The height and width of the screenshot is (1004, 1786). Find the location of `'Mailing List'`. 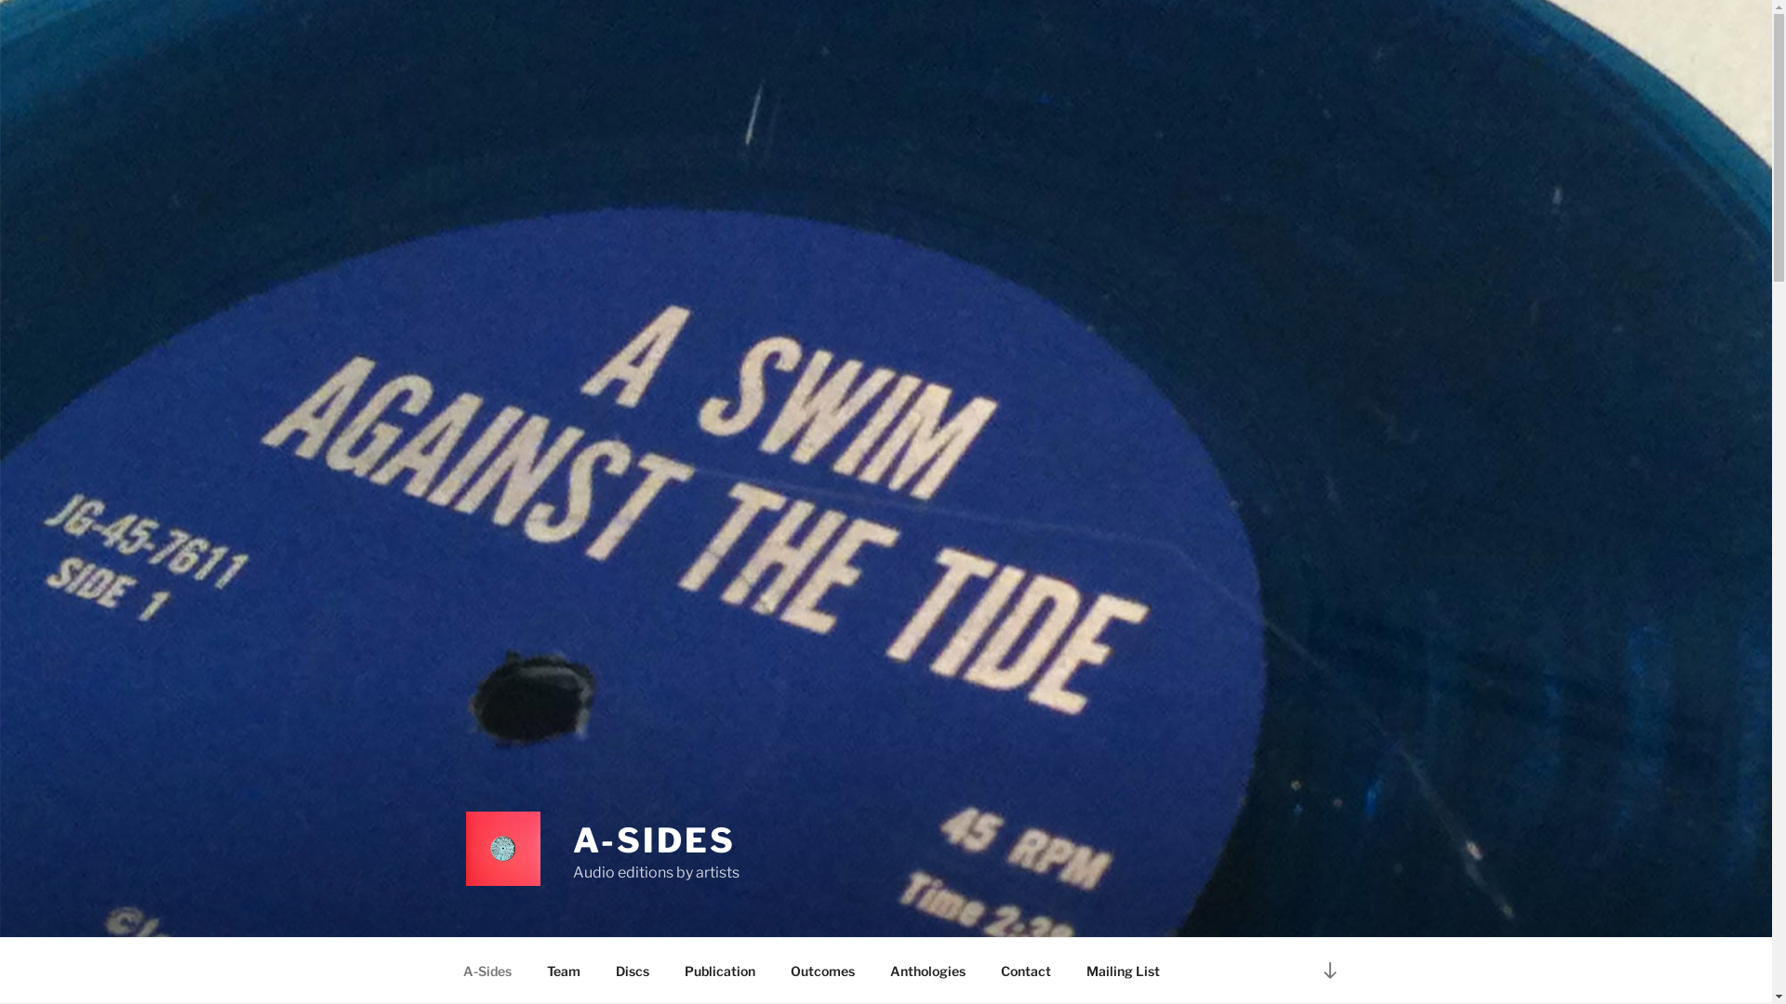

'Mailing List' is located at coordinates (1121, 970).